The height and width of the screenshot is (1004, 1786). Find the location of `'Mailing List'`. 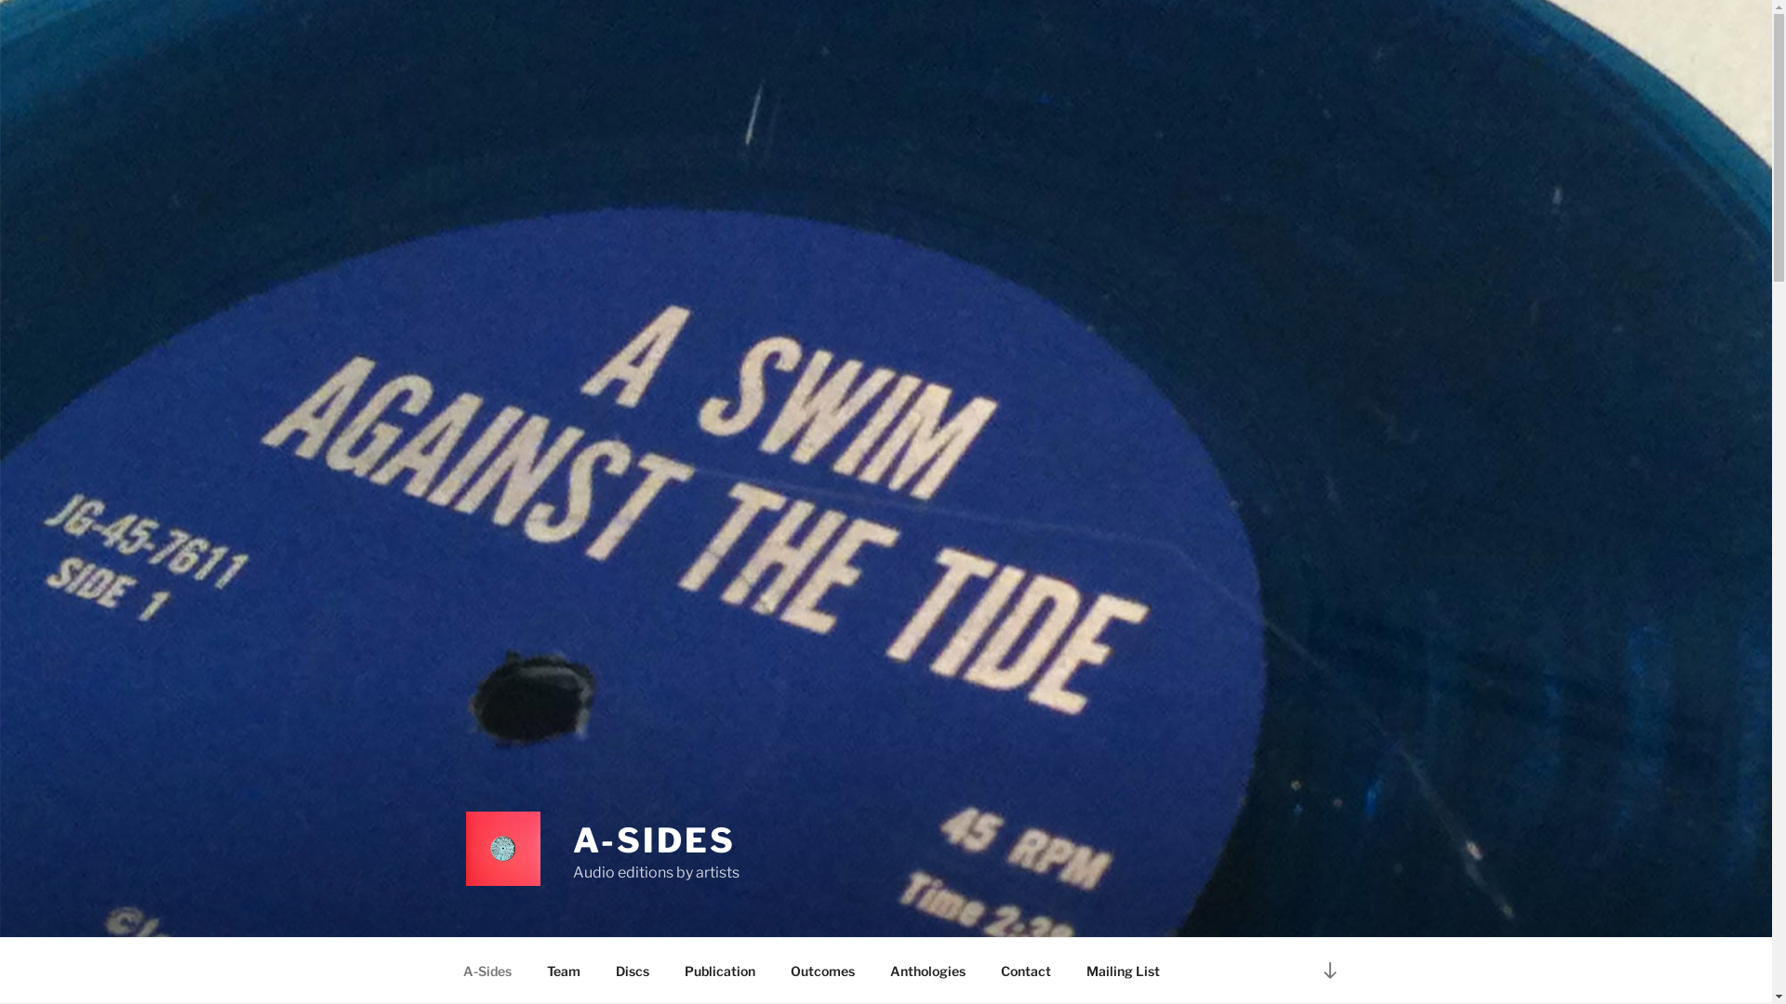

'Mailing List' is located at coordinates (1121, 970).